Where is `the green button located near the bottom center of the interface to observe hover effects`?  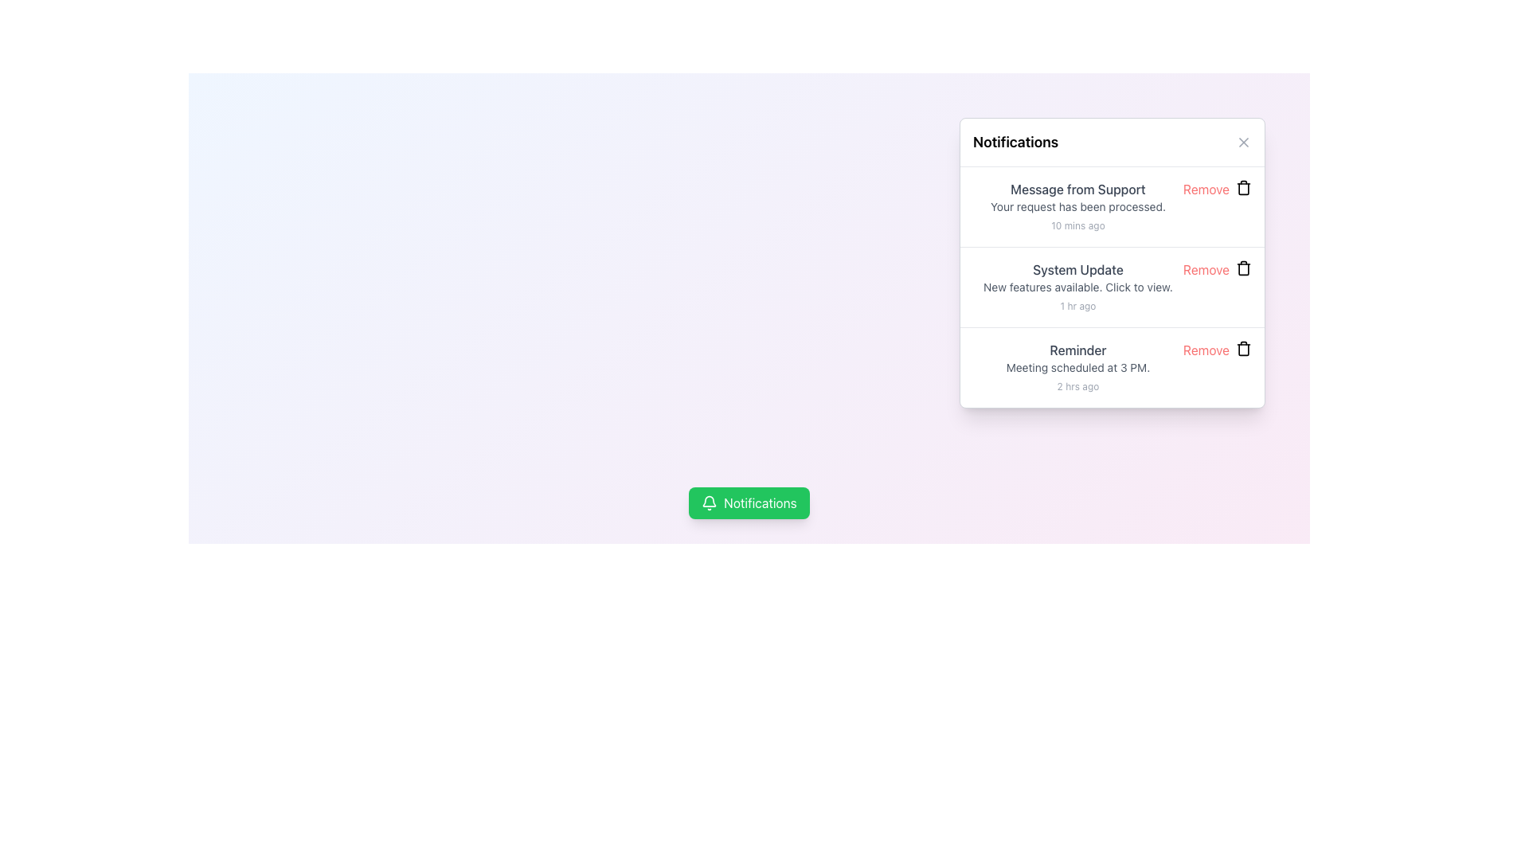
the green button located near the bottom center of the interface to observe hover effects is located at coordinates (748, 503).